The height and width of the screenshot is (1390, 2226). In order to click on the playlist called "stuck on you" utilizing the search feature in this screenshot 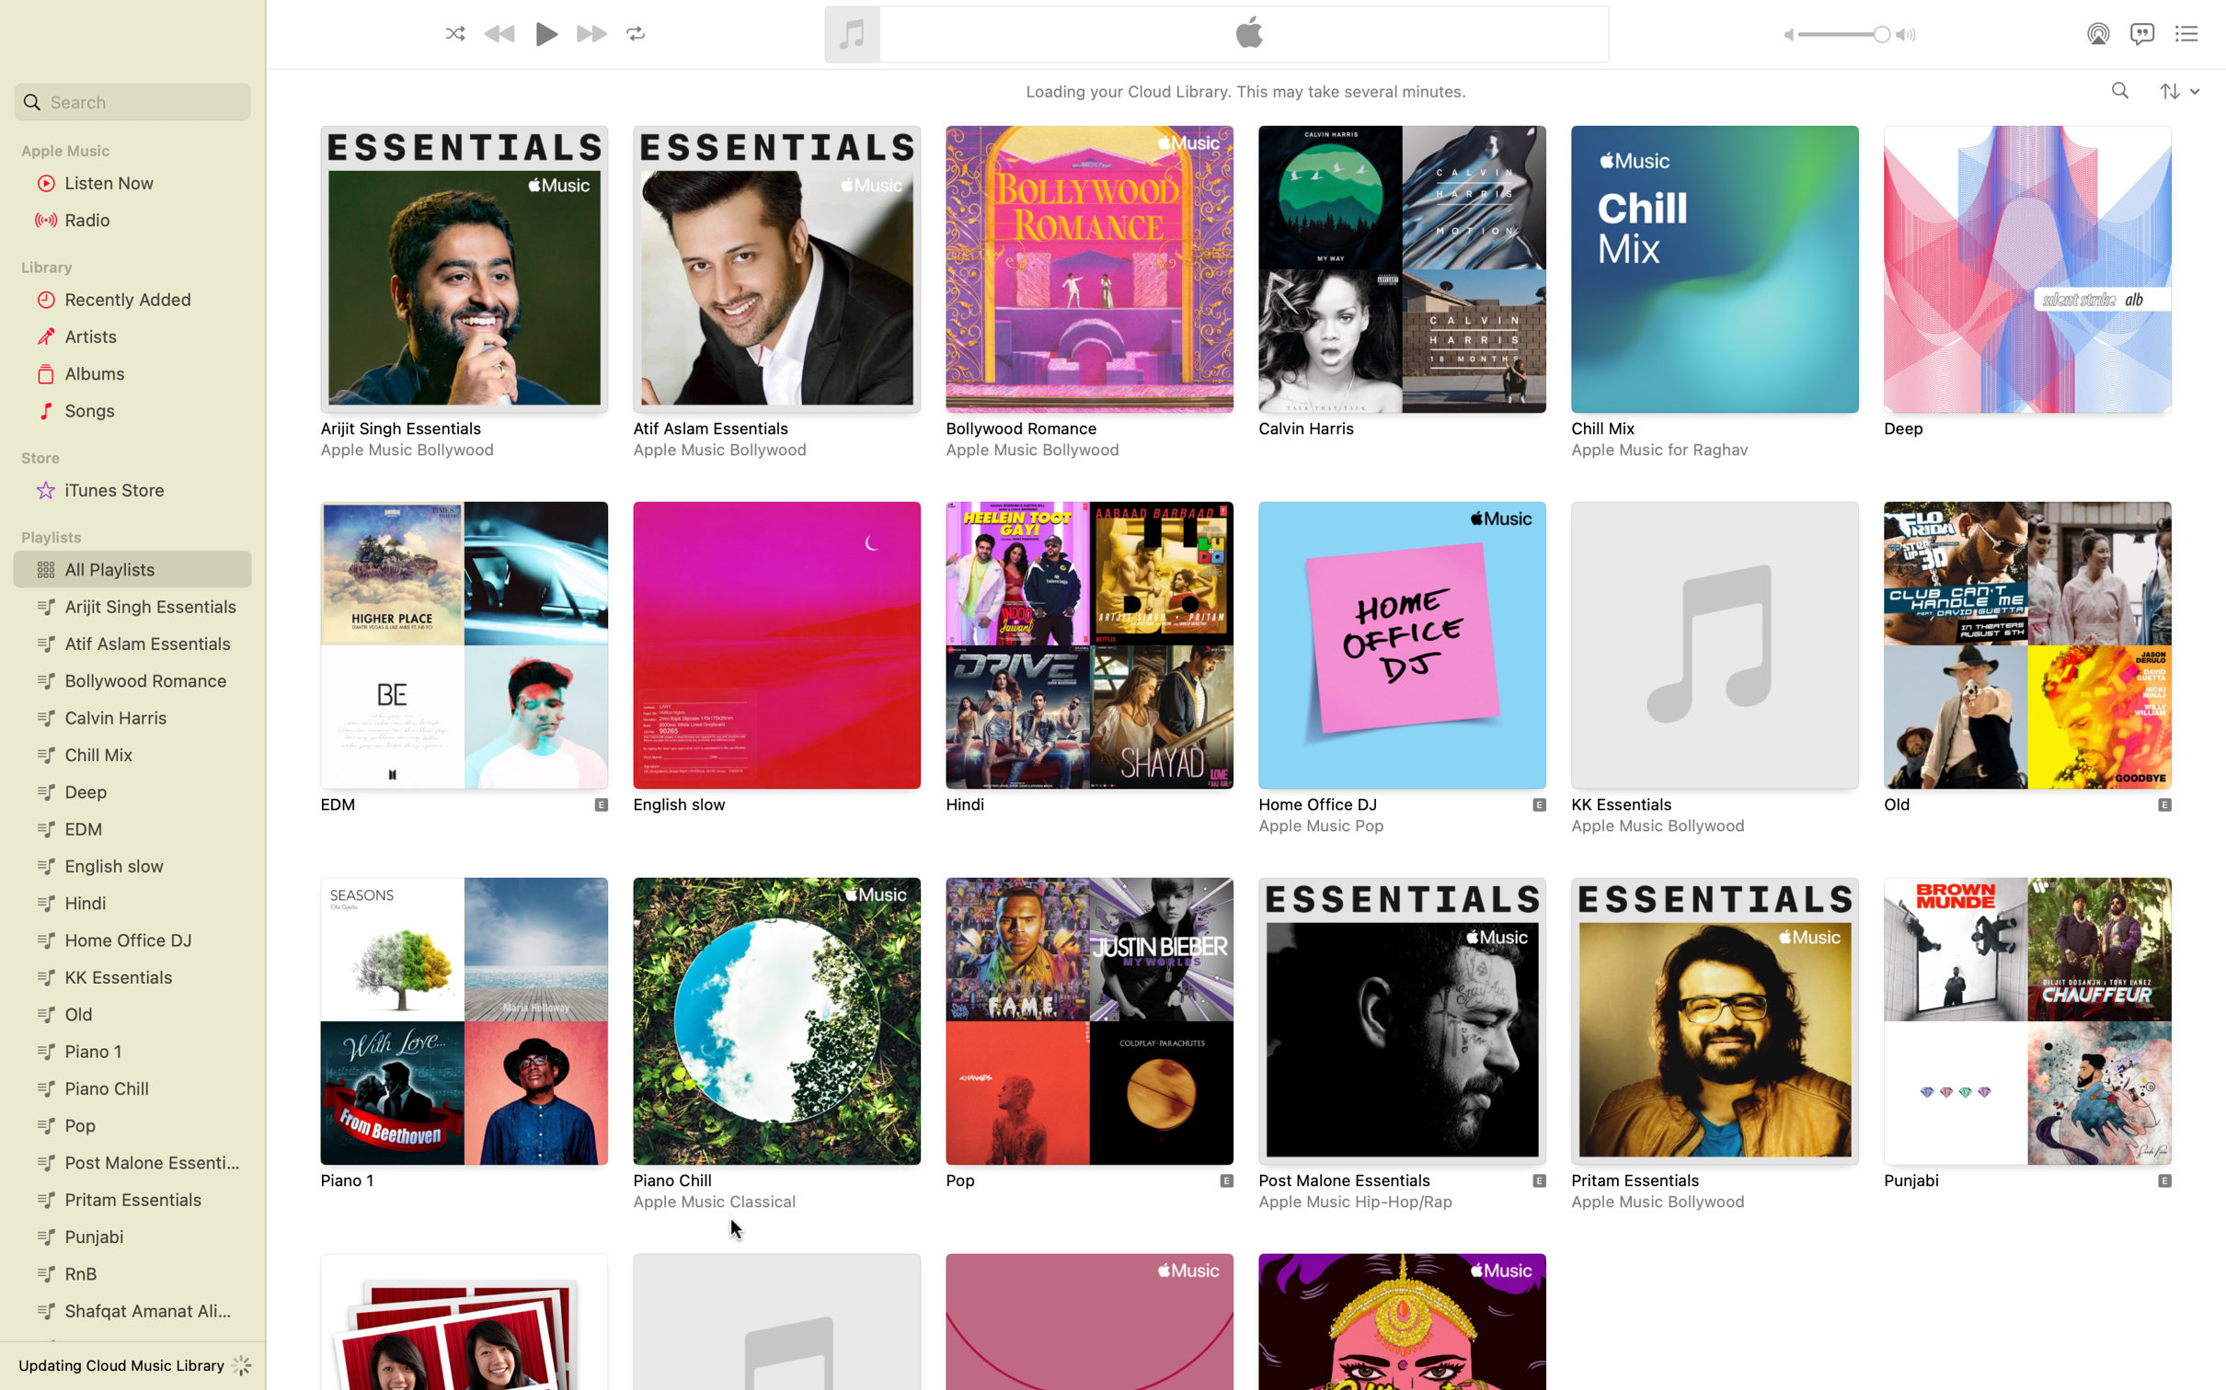, I will do `click(130, 102)`.